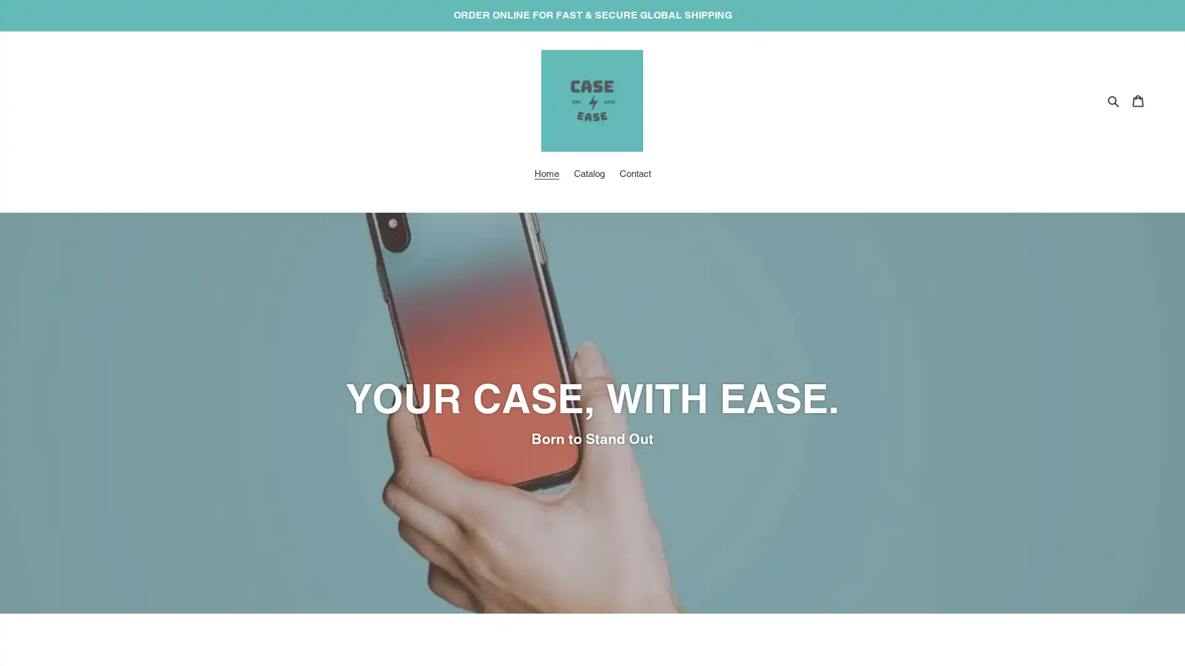  I want to click on Search, so click(1113, 99).